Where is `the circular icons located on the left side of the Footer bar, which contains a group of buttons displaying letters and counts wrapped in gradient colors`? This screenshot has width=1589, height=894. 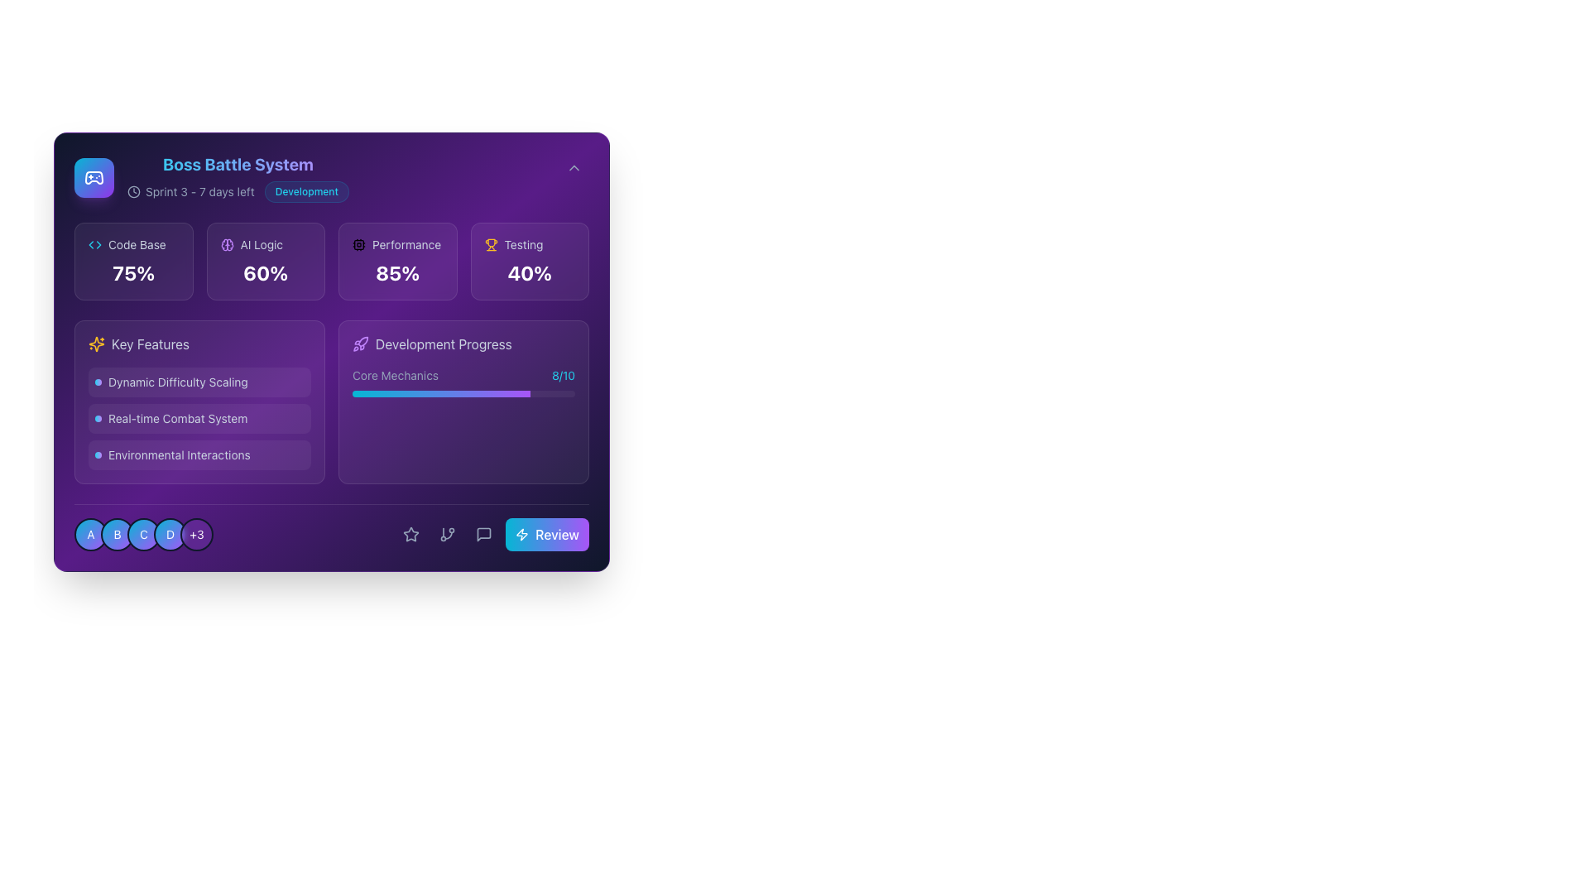 the circular icons located on the left side of the Footer bar, which contains a group of buttons displaying letters and counts wrapped in gradient colors is located at coordinates (331, 527).